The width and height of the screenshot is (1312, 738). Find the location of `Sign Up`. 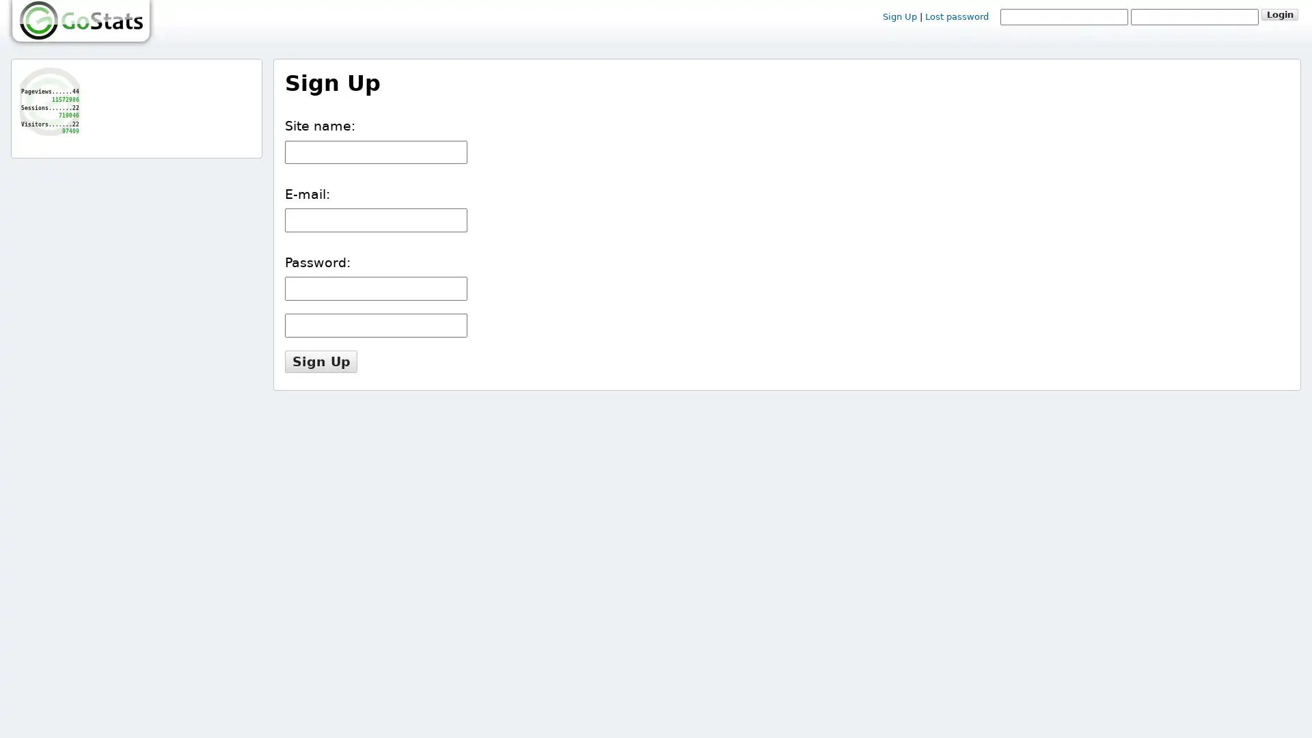

Sign Up is located at coordinates (320, 360).